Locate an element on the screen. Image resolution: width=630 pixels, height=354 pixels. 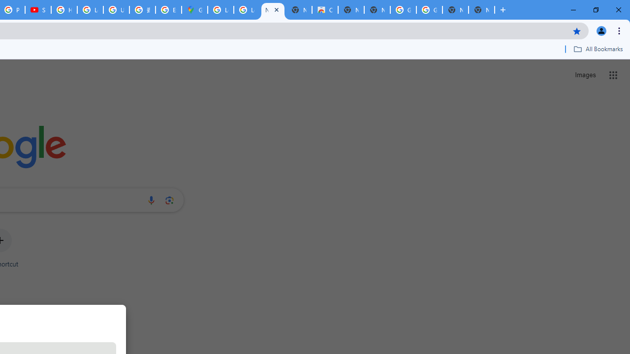
'Google Images' is located at coordinates (403, 10).